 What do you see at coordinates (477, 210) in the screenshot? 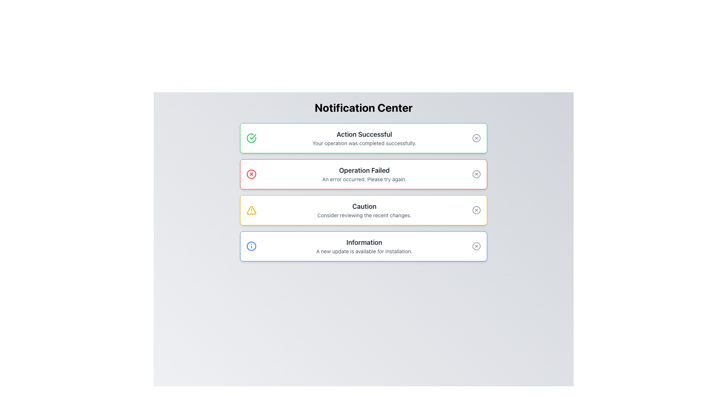
I see `the close button located at the far-right side of the notification card to change its color` at bounding box center [477, 210].